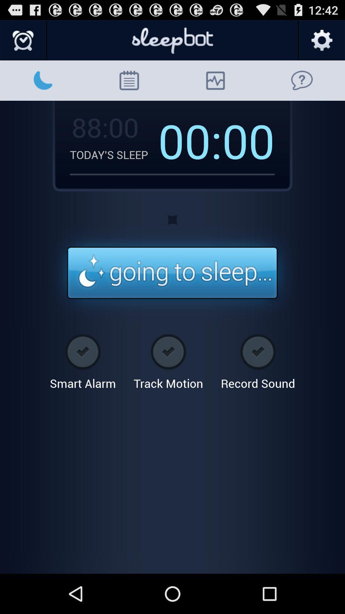  I want to click on going to sleep, so click(172, 273).